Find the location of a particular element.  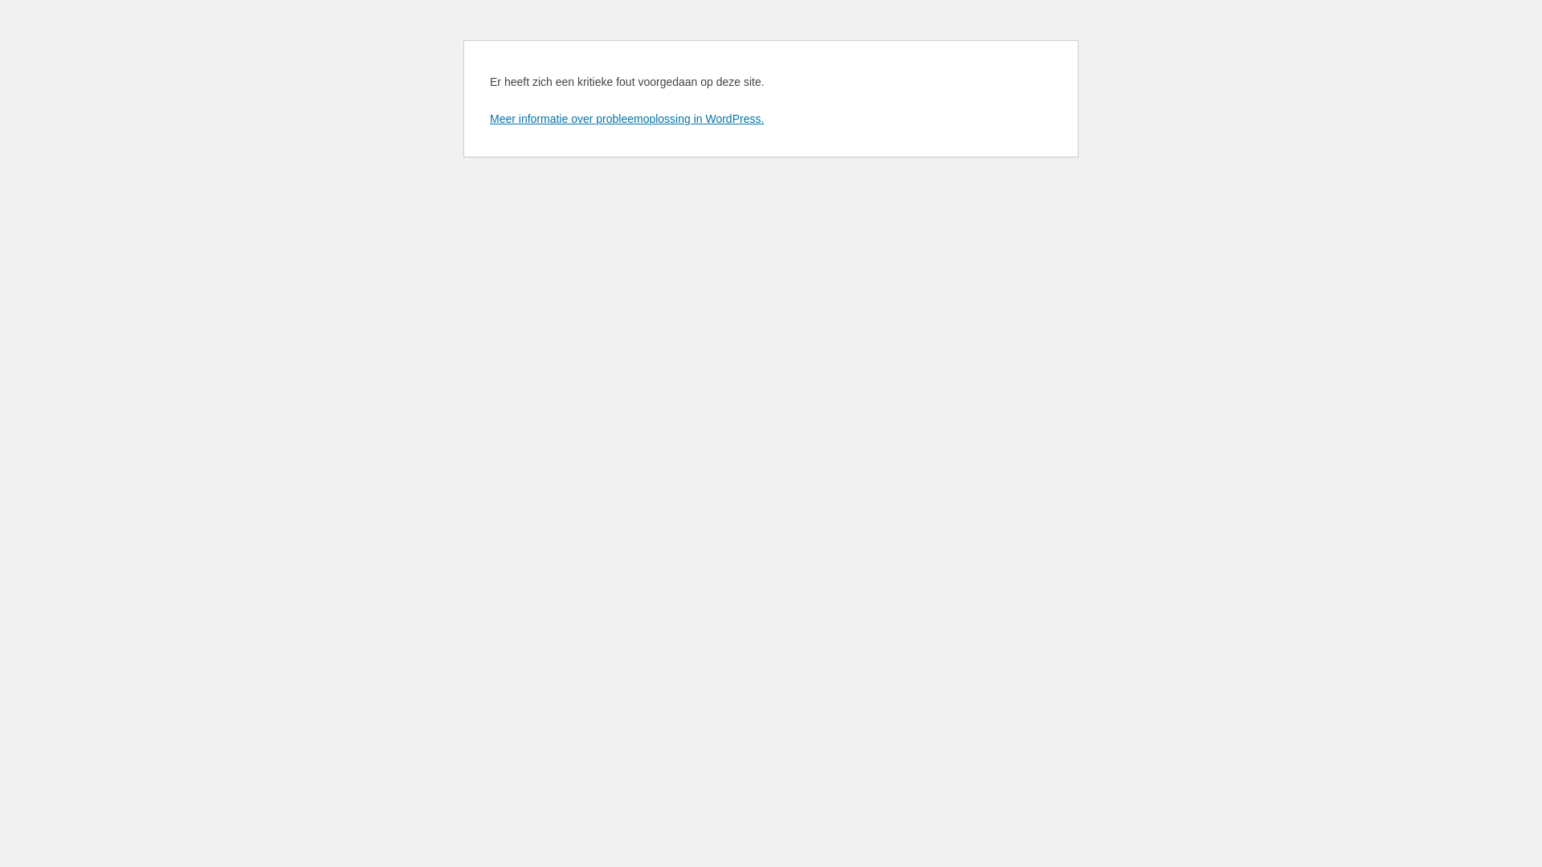

'Meer informatie over probleemoplossing in WordPress.' is located at coordinates (626, 117).